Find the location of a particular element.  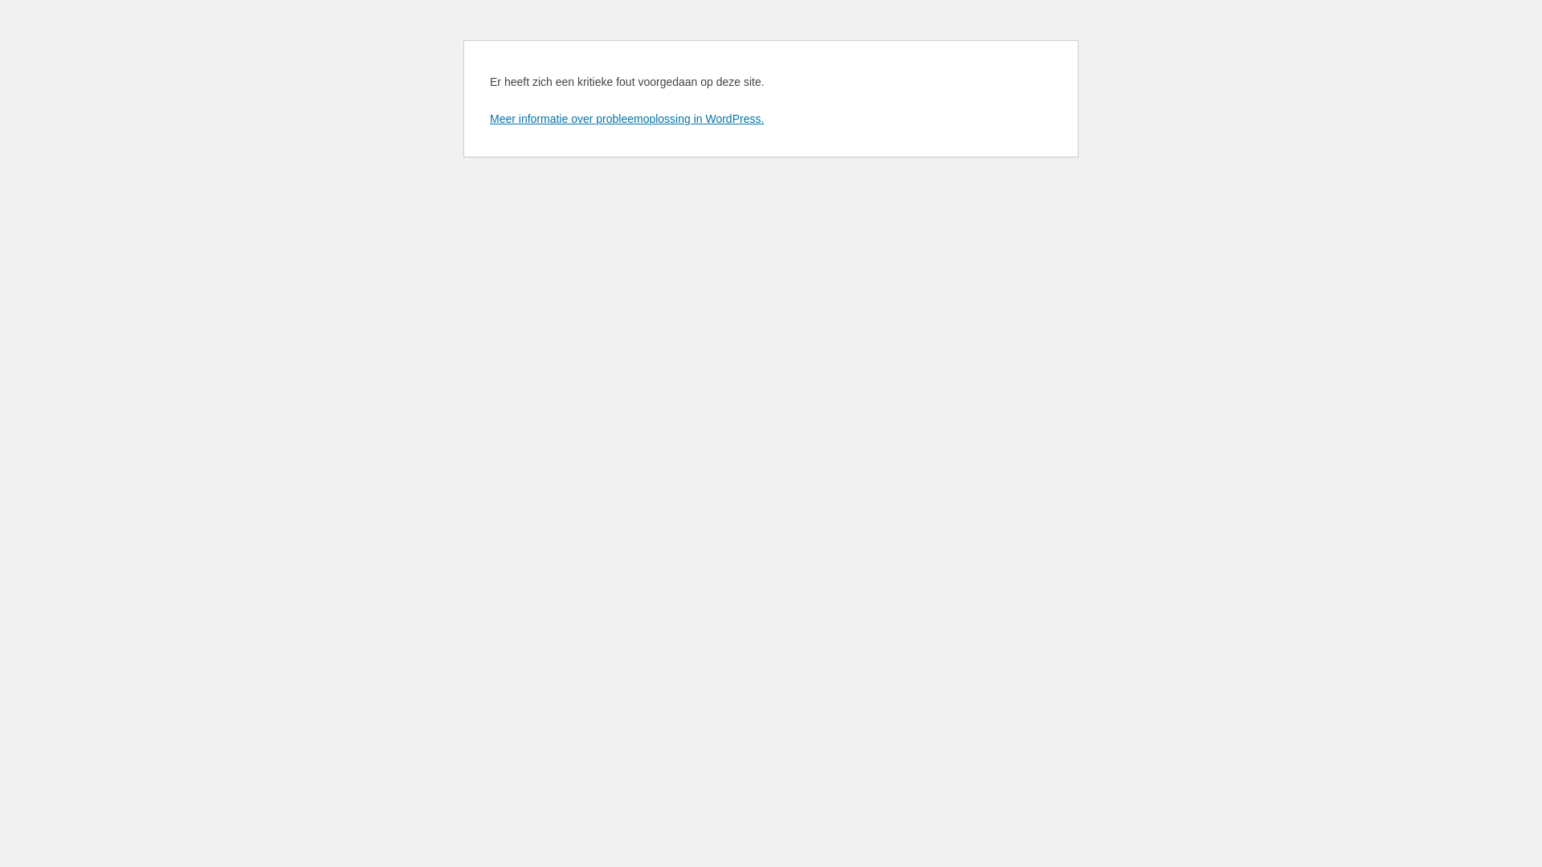

'Meer informatie over probleemoplossing in WordPress.' is located at coordinates (626, 117).